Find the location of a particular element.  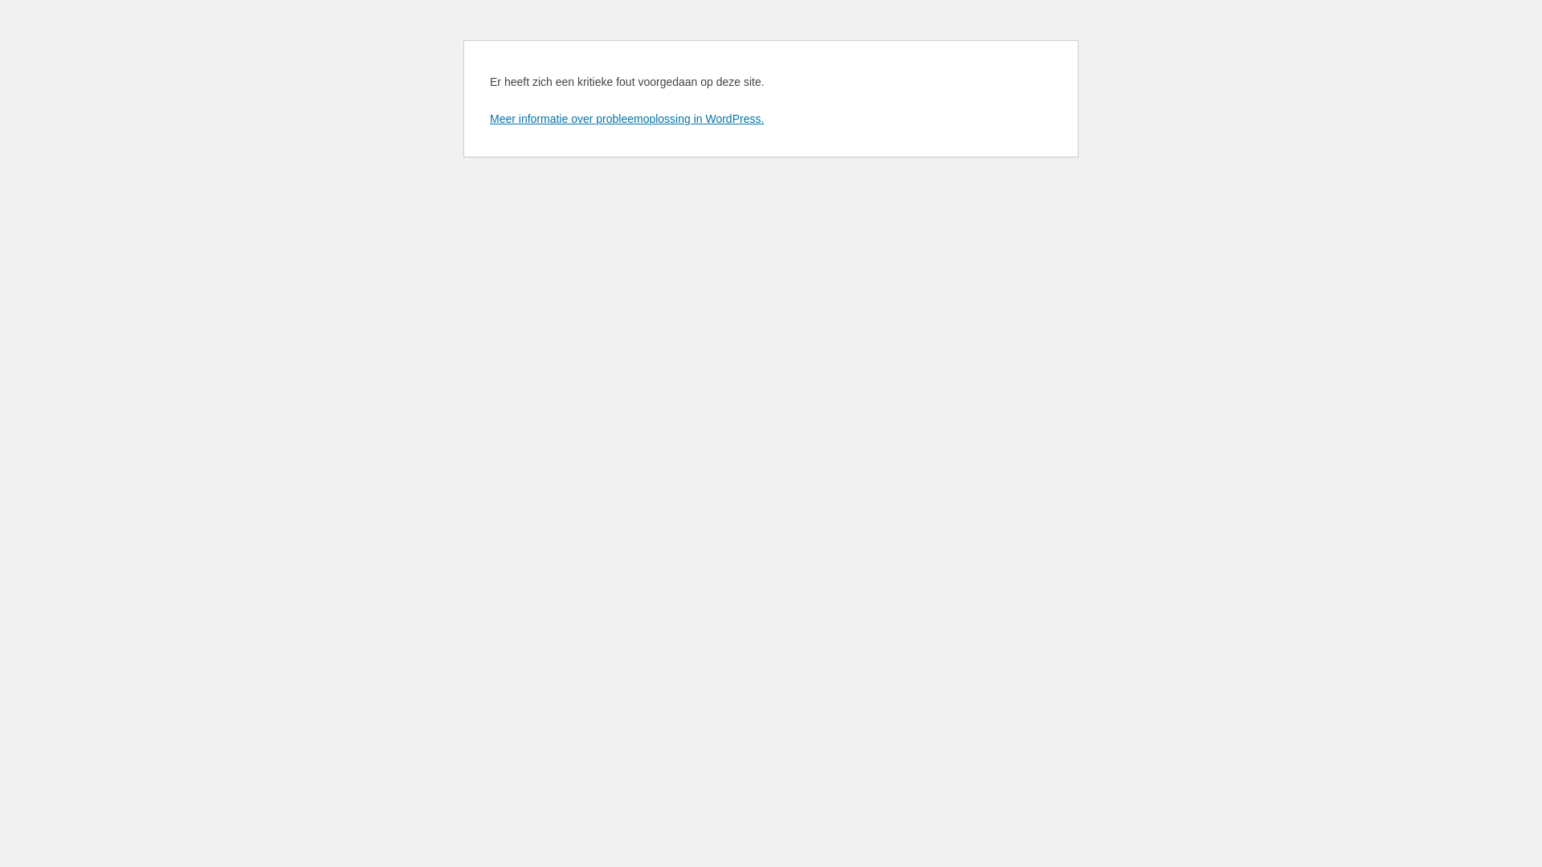

'Meer informatie over probleemoplossing in WordPress.' is located at coordinates (626, 117).